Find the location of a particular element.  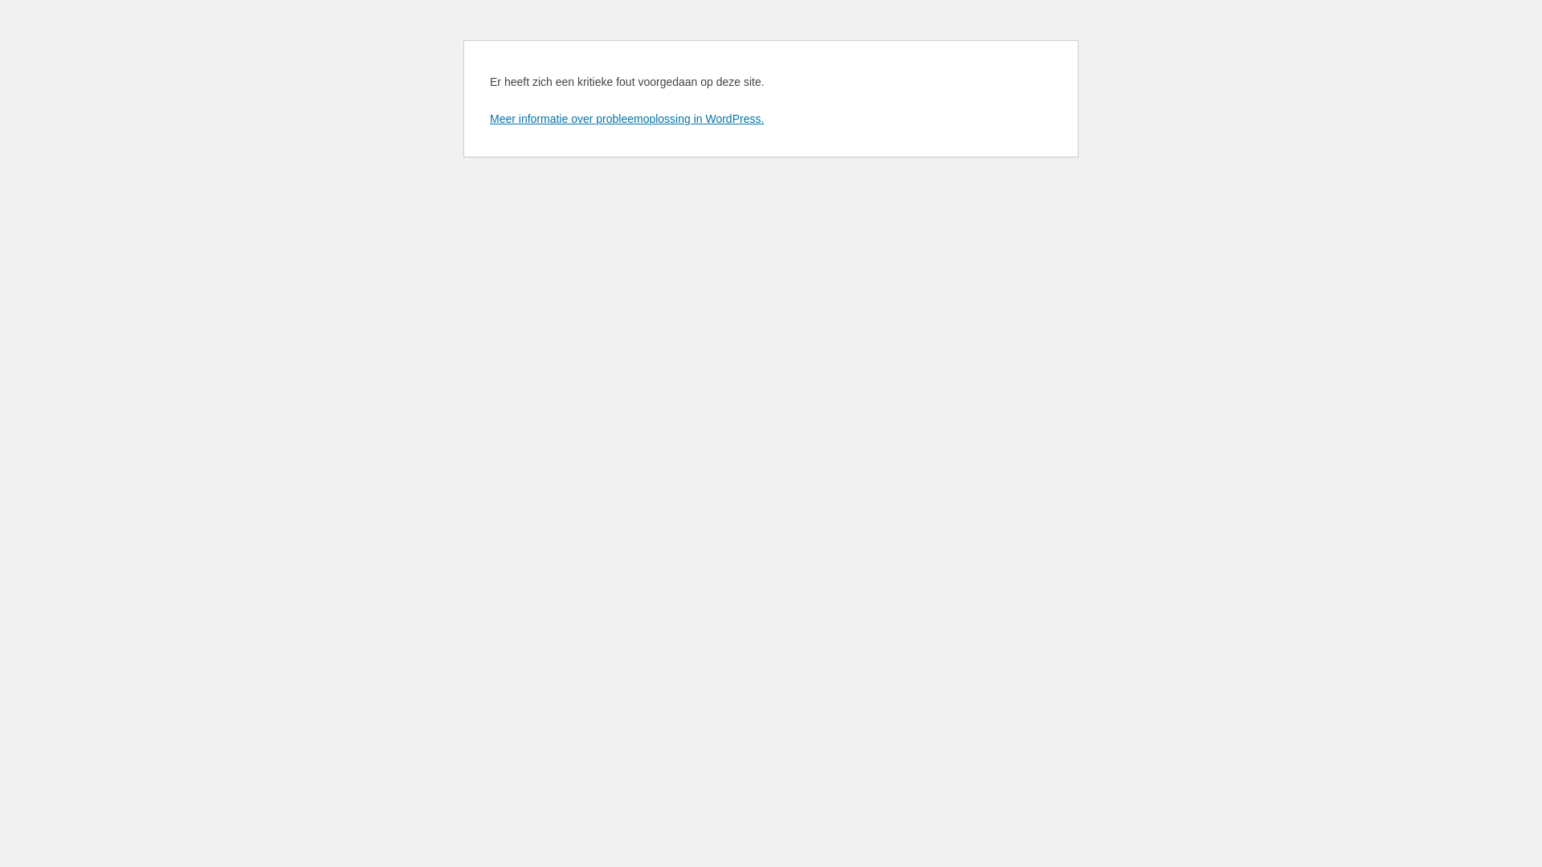

'Meer informatie over probleemoplossing in WordPress.' is located at coordinates (626, 117).